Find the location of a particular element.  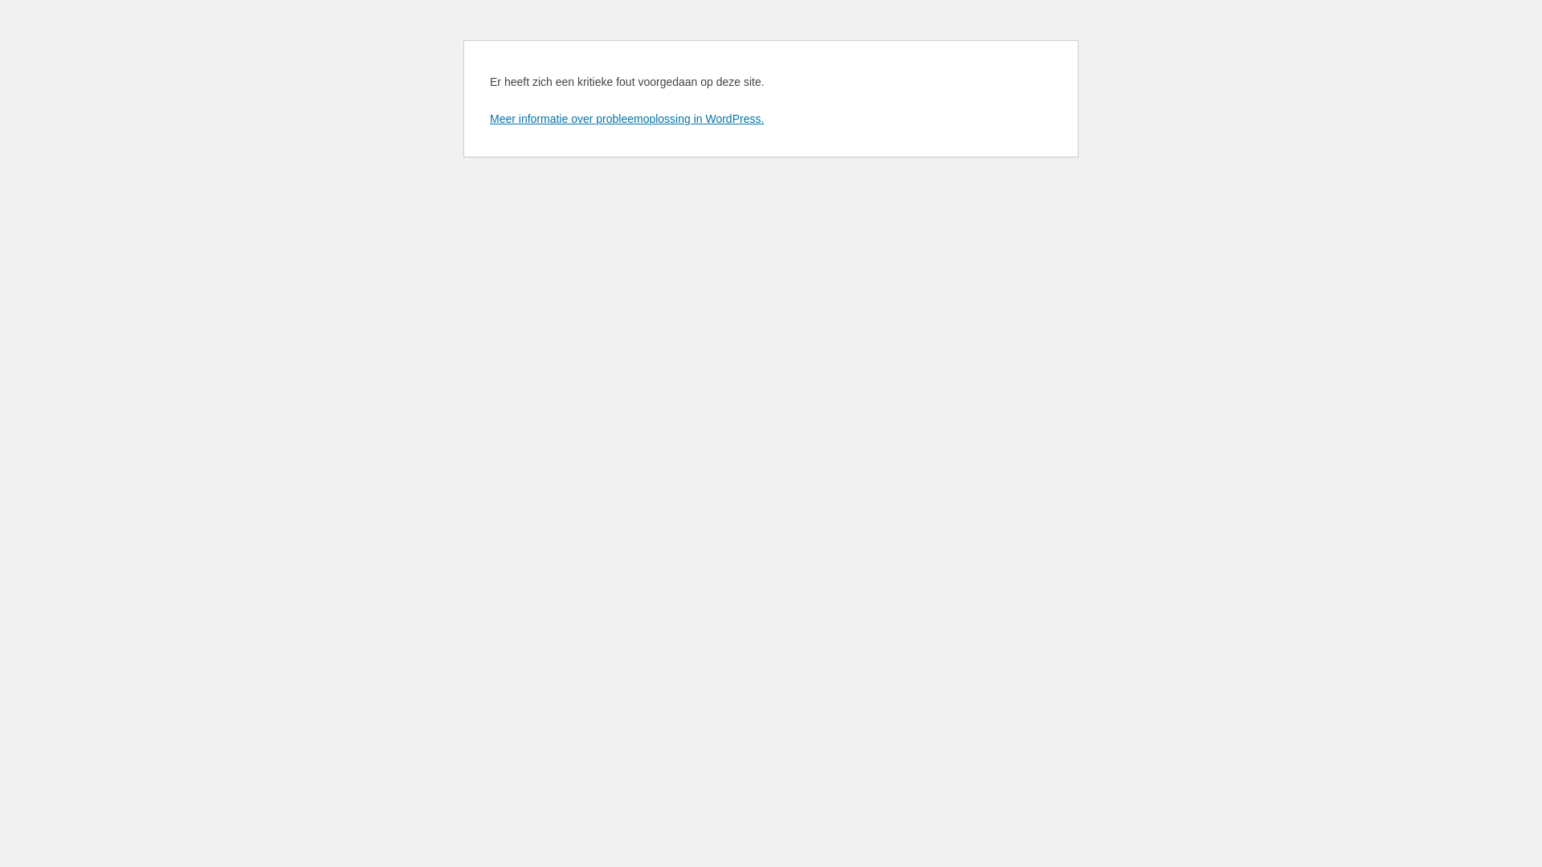

'Meer informatie over probleemoplossing in WordPress.' is located at coordinates (626, 117).